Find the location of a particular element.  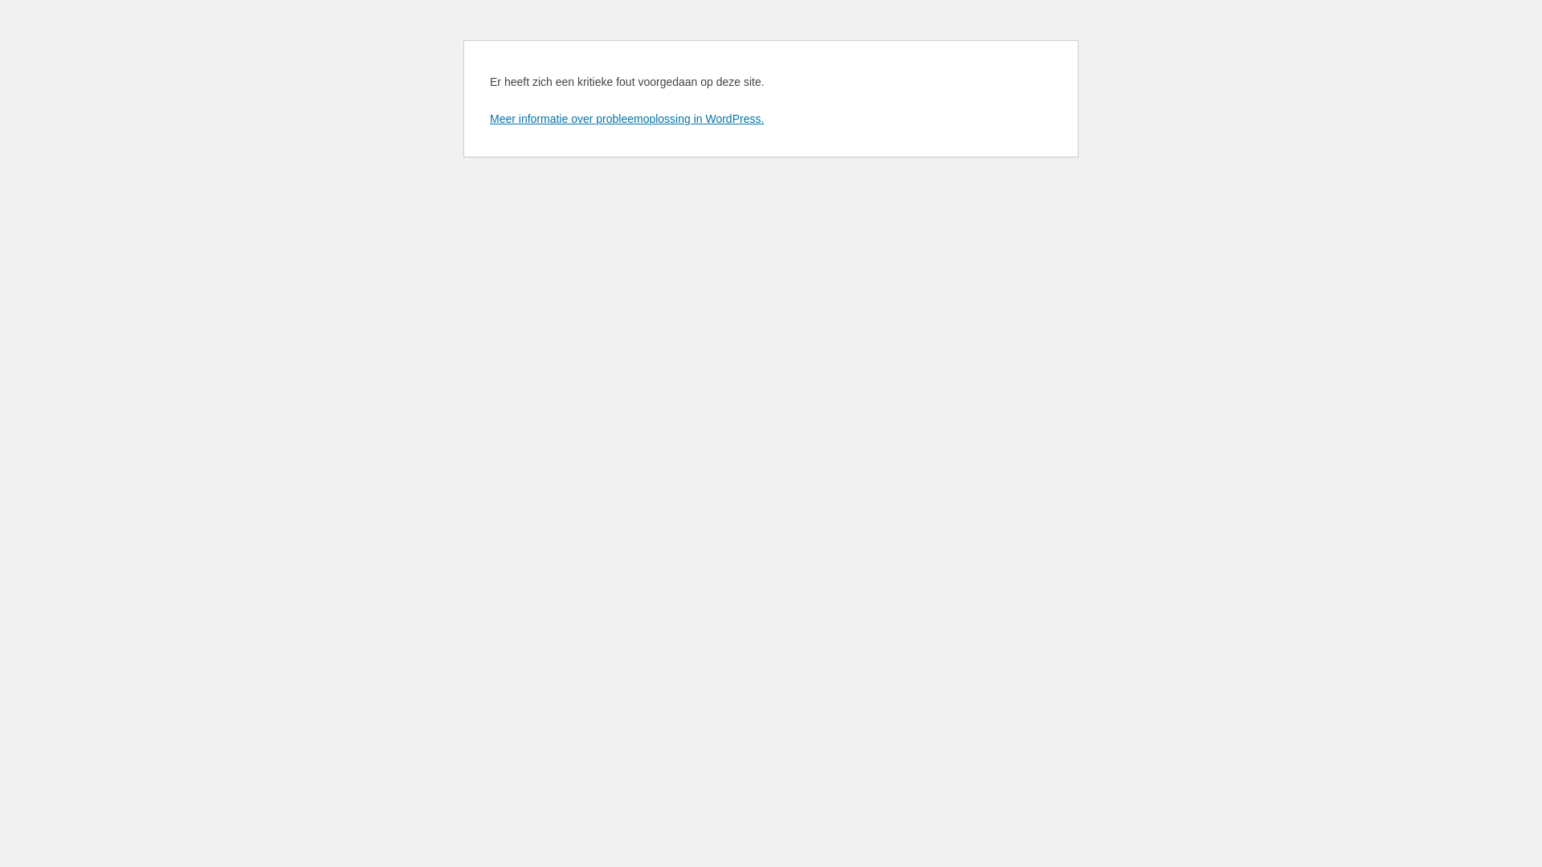

'Meer informatie over probleemoplossing in WordPress.' is located at coordinates (626, 117).